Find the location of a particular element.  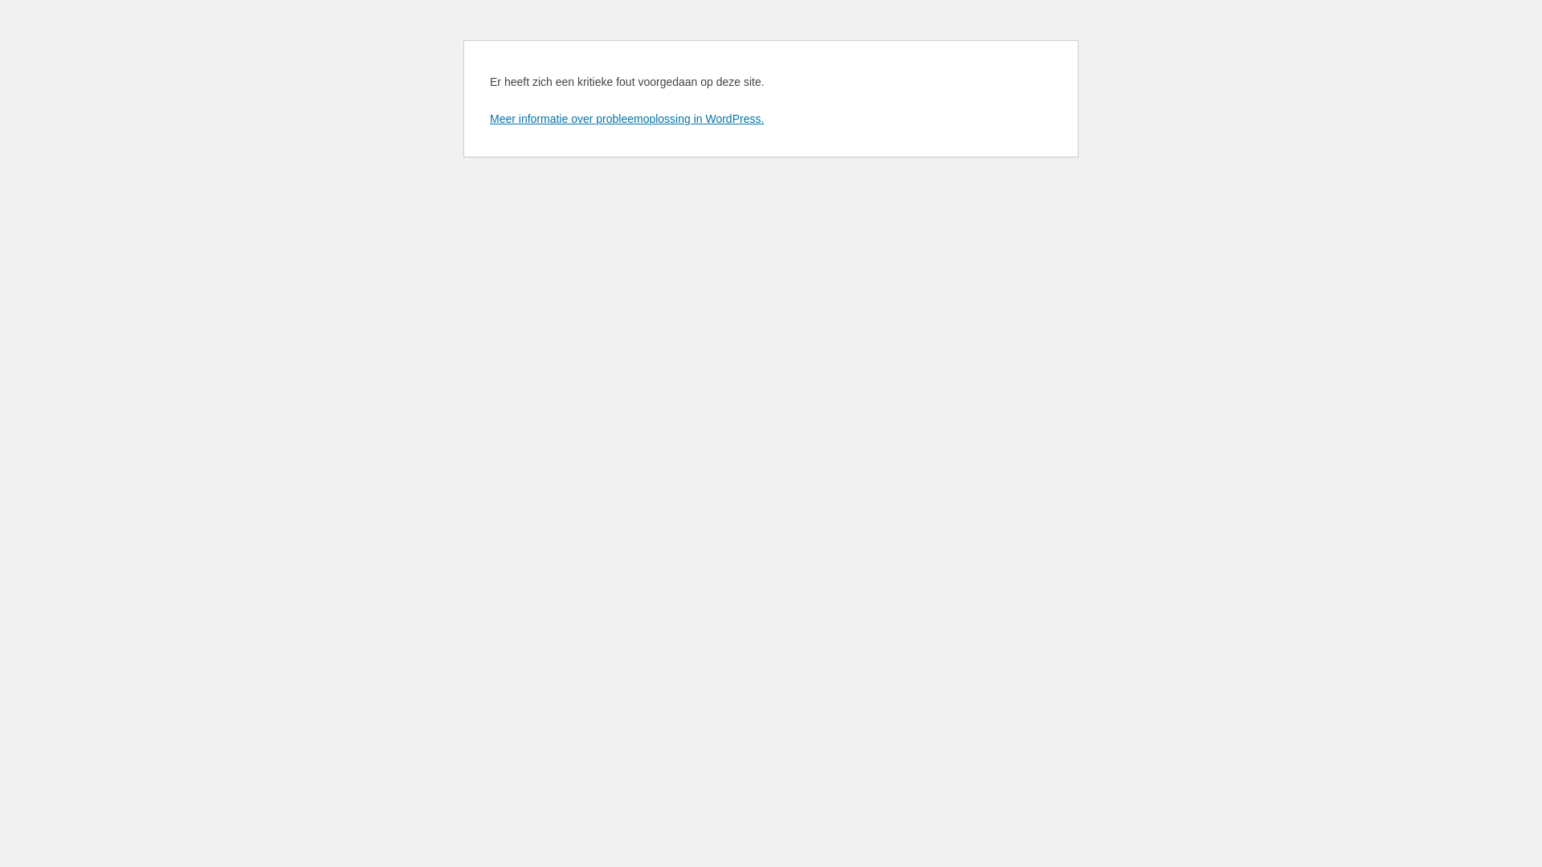

'Meer informatie over probleemoplossing in WordPress.' is located at coordinates (626, 117).